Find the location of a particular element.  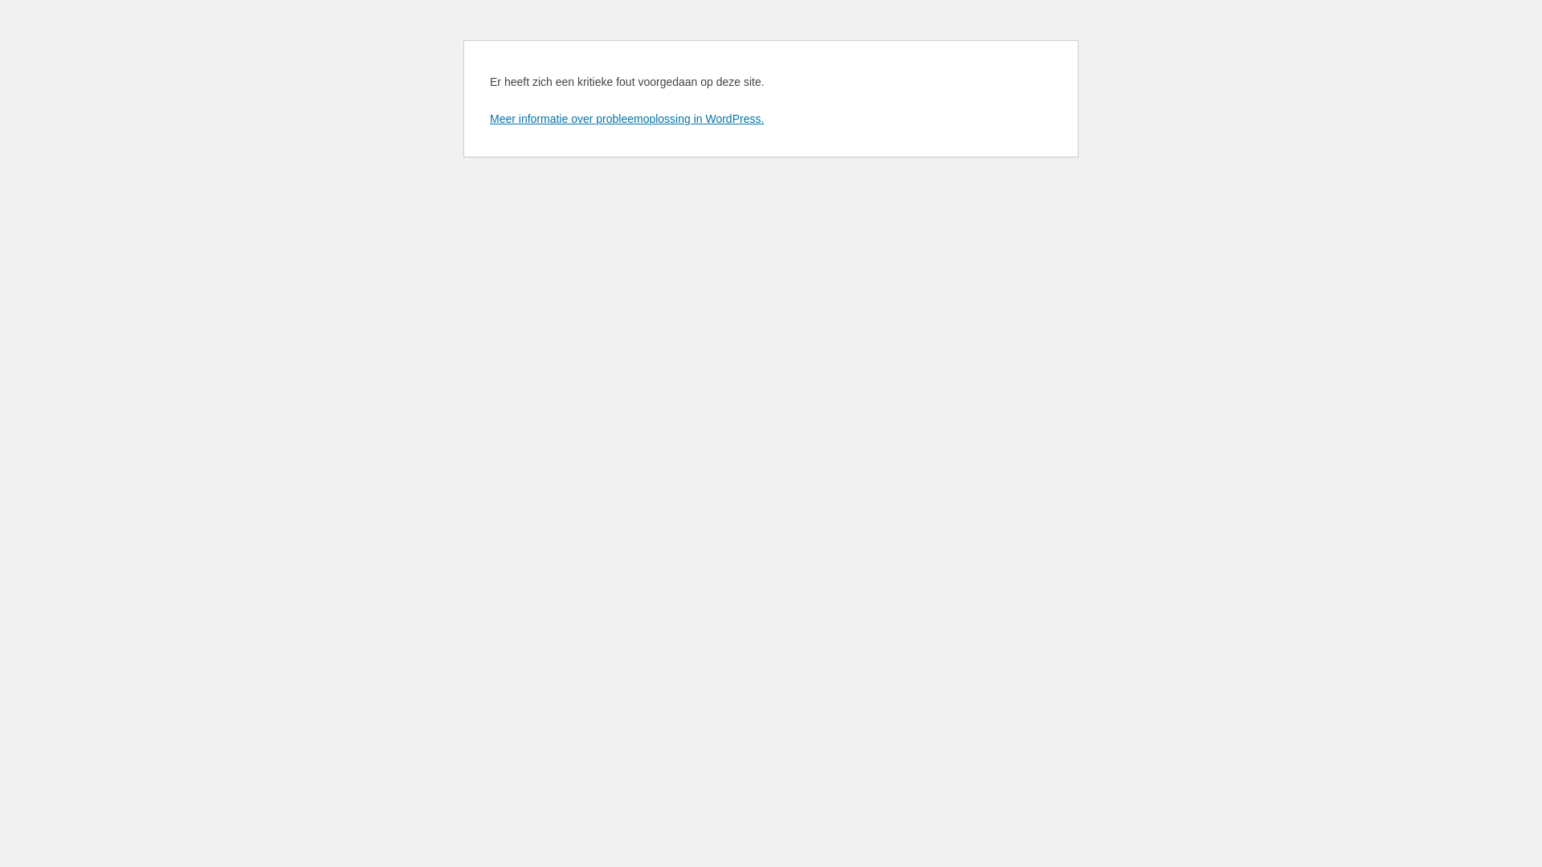

'Meer informatie over probleemoplossing in WordPress.' is located at coordinates (626, 117).